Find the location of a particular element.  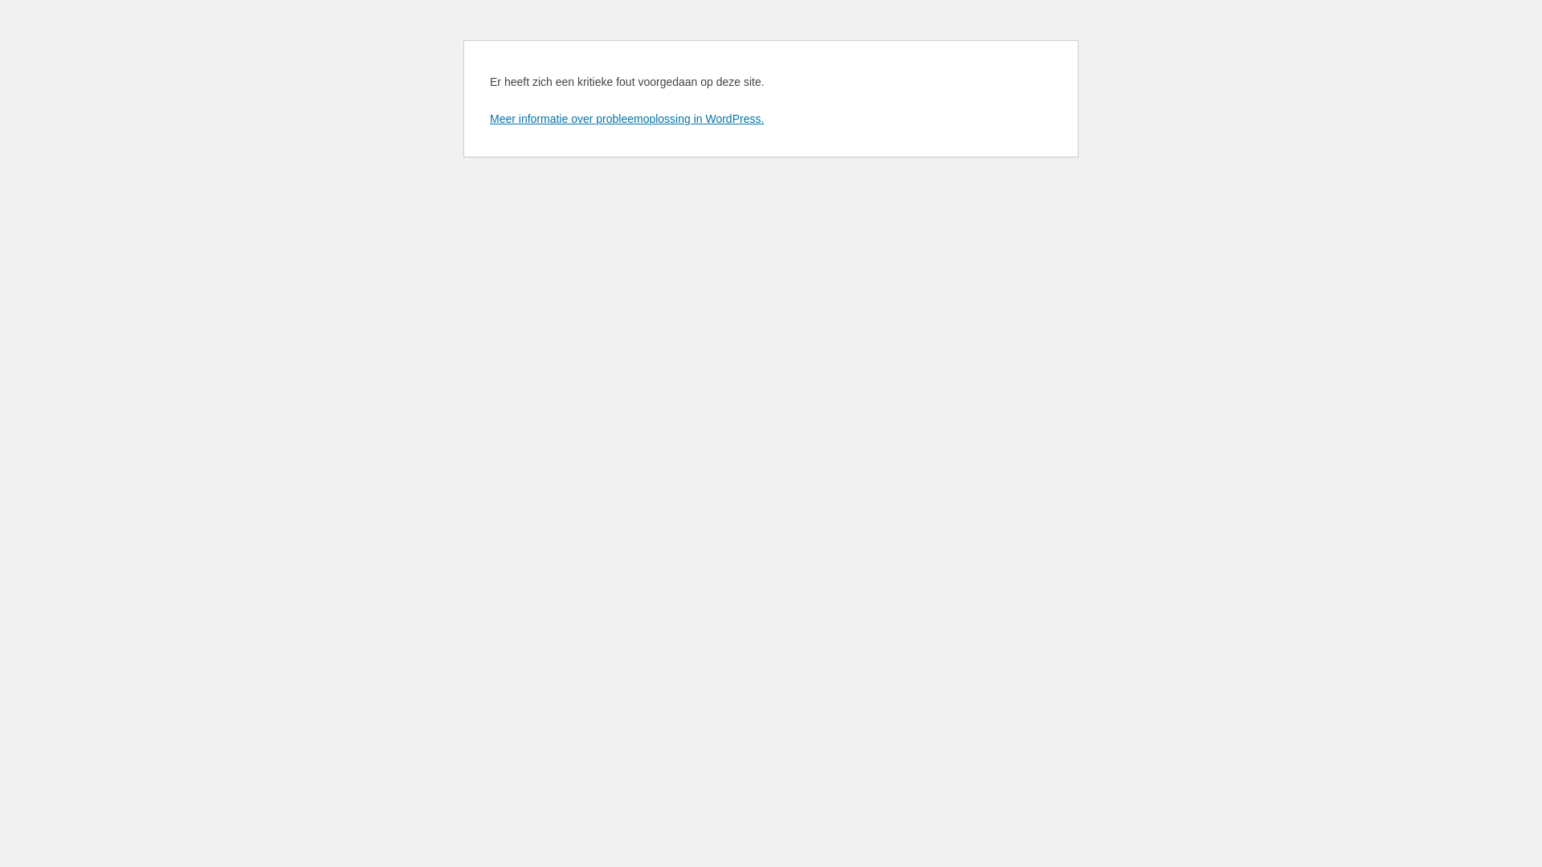

'Meer informatie over probleemoplossing in WordPress.' is located at coordinates (626, 117).